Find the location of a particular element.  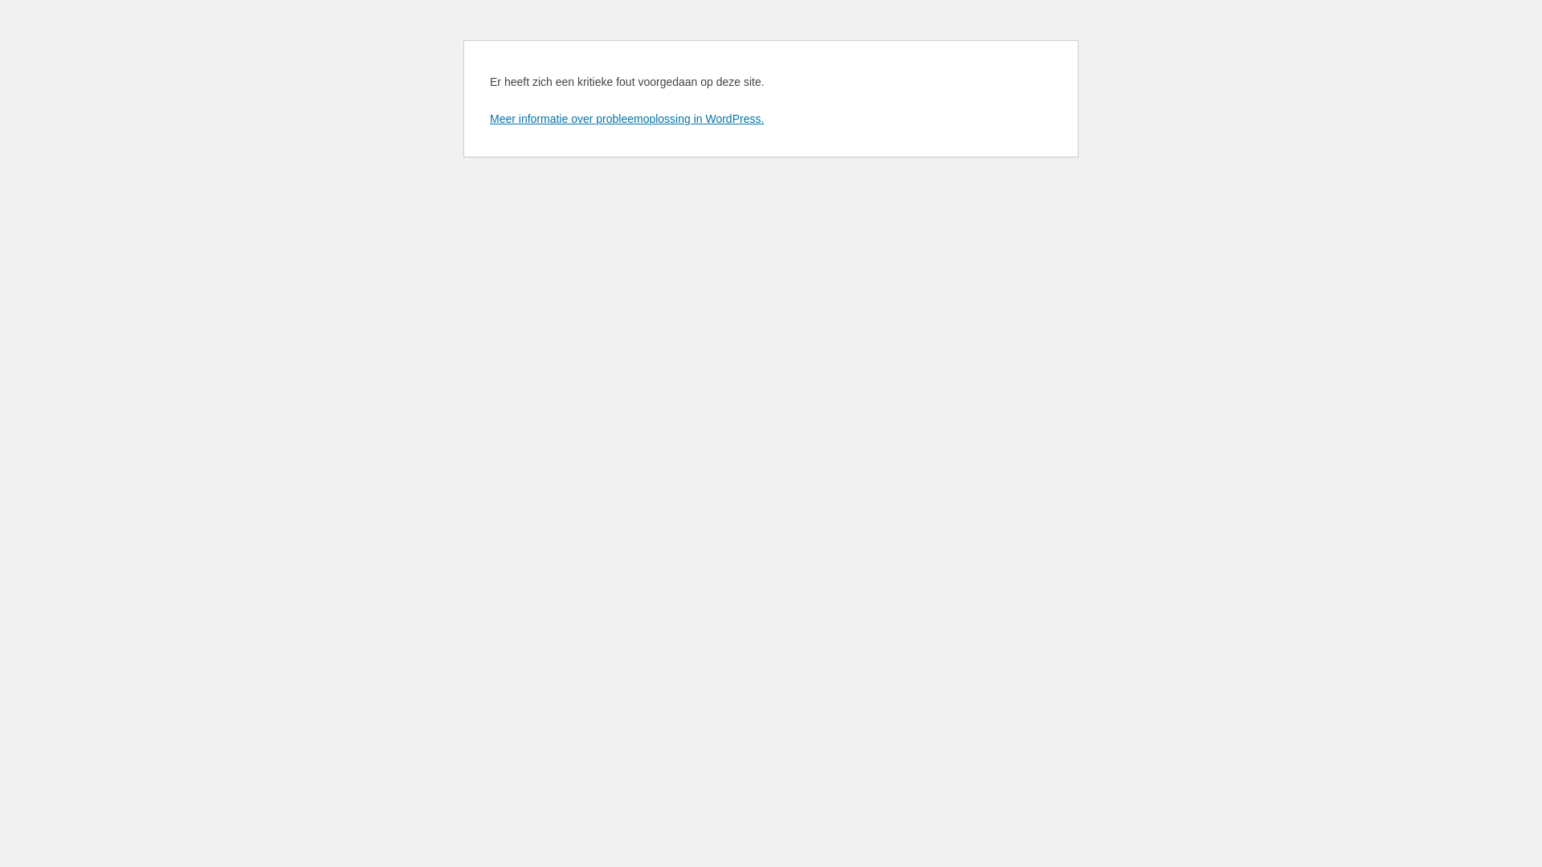

'Meer informatie over probleemoplossing in WordPress.' is located at coordinates (626, 117).